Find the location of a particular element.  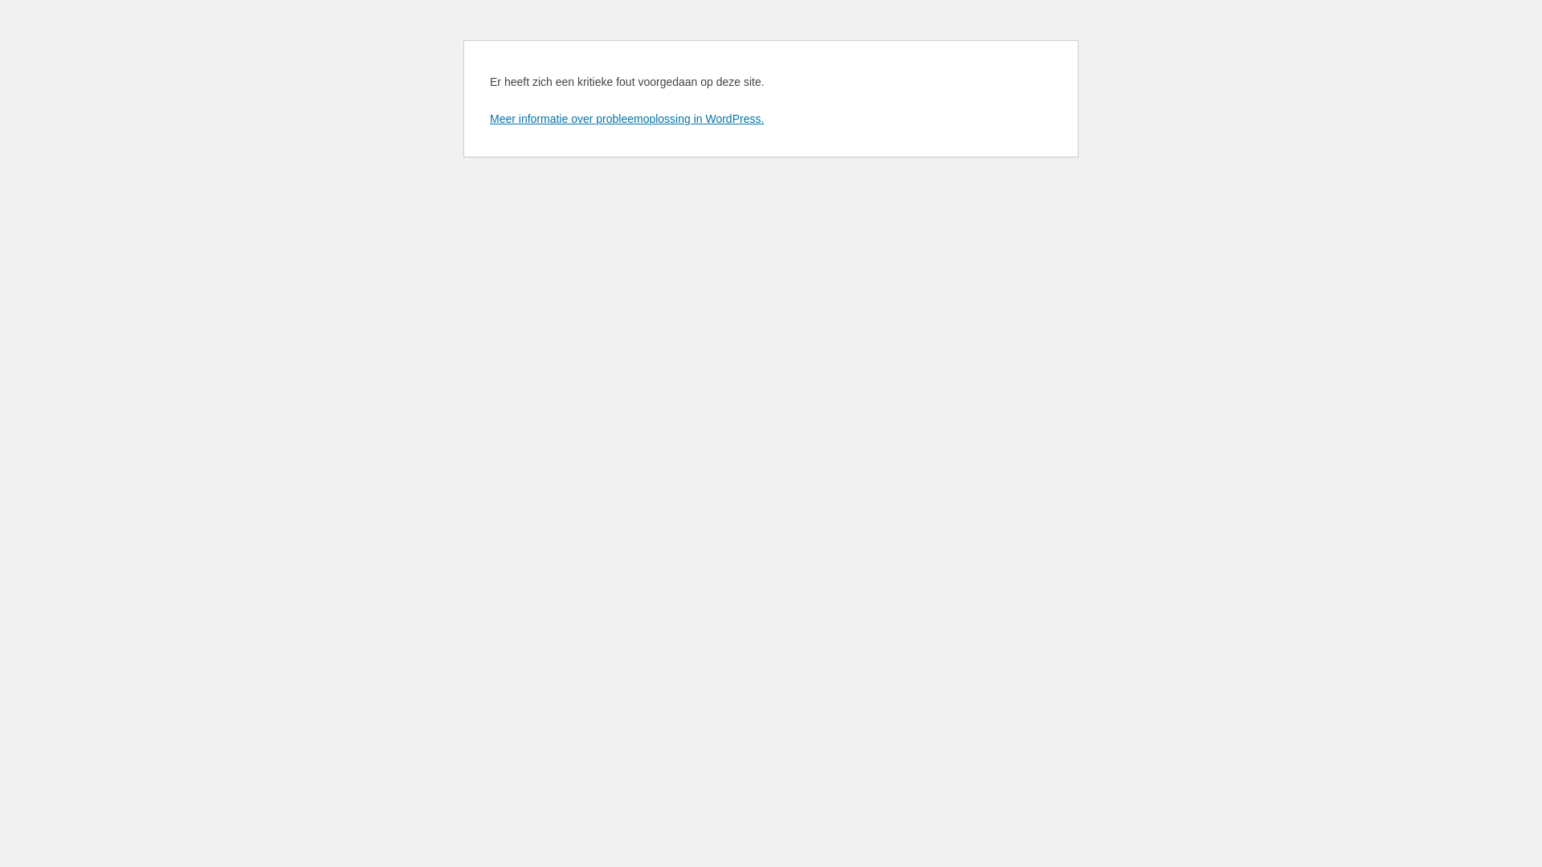

'Meer informatie over probleemoplossing in WordPress.' is located at coordinates (626, 117).